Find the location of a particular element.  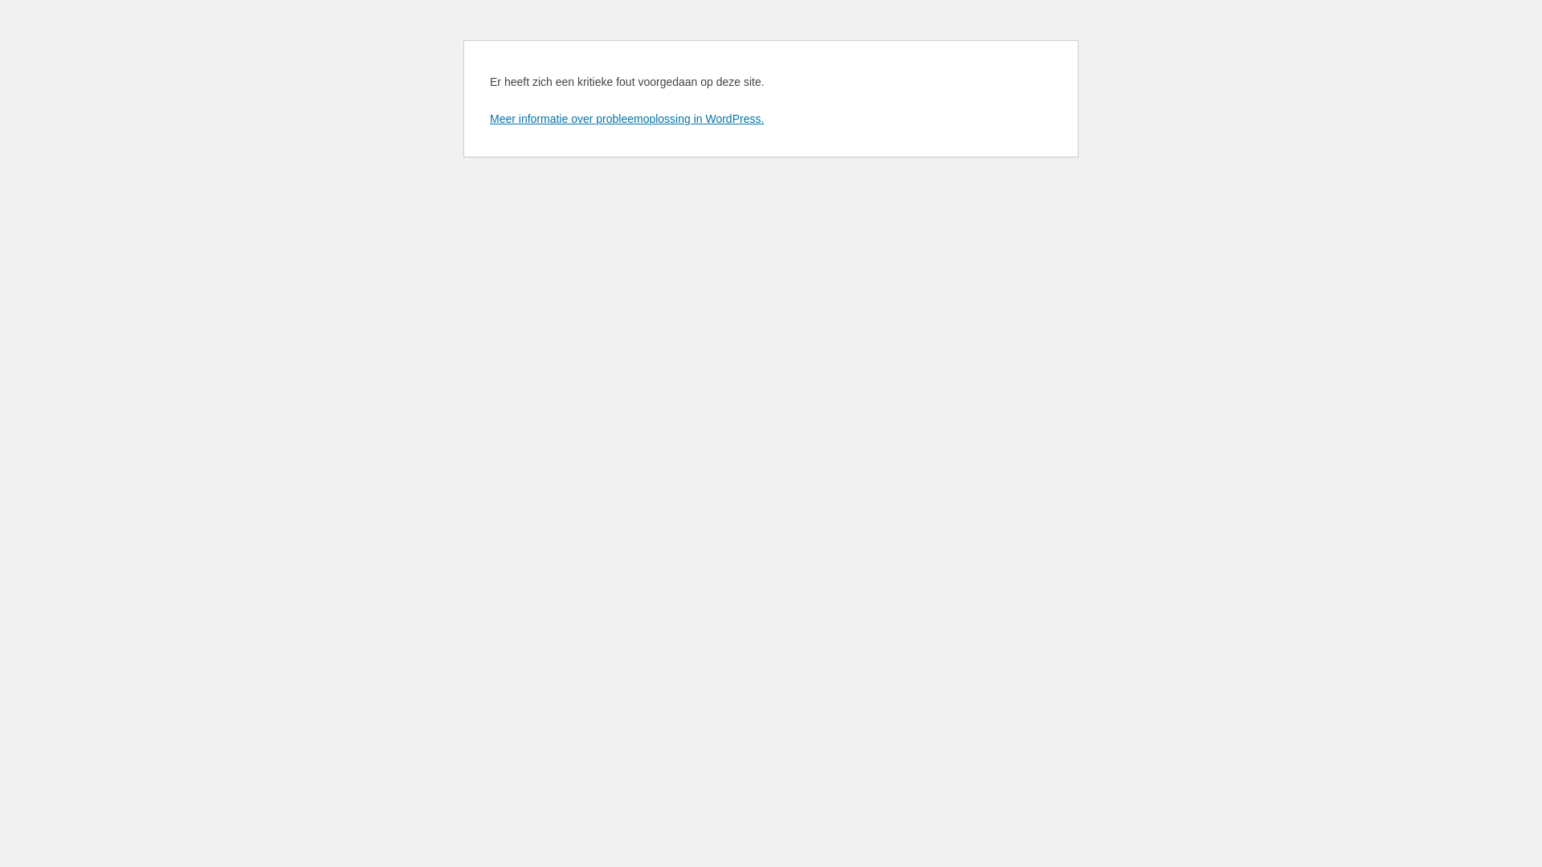

'Meer informatie over probleemoplossing in WordPress.' is located at coordinates (626, 117).